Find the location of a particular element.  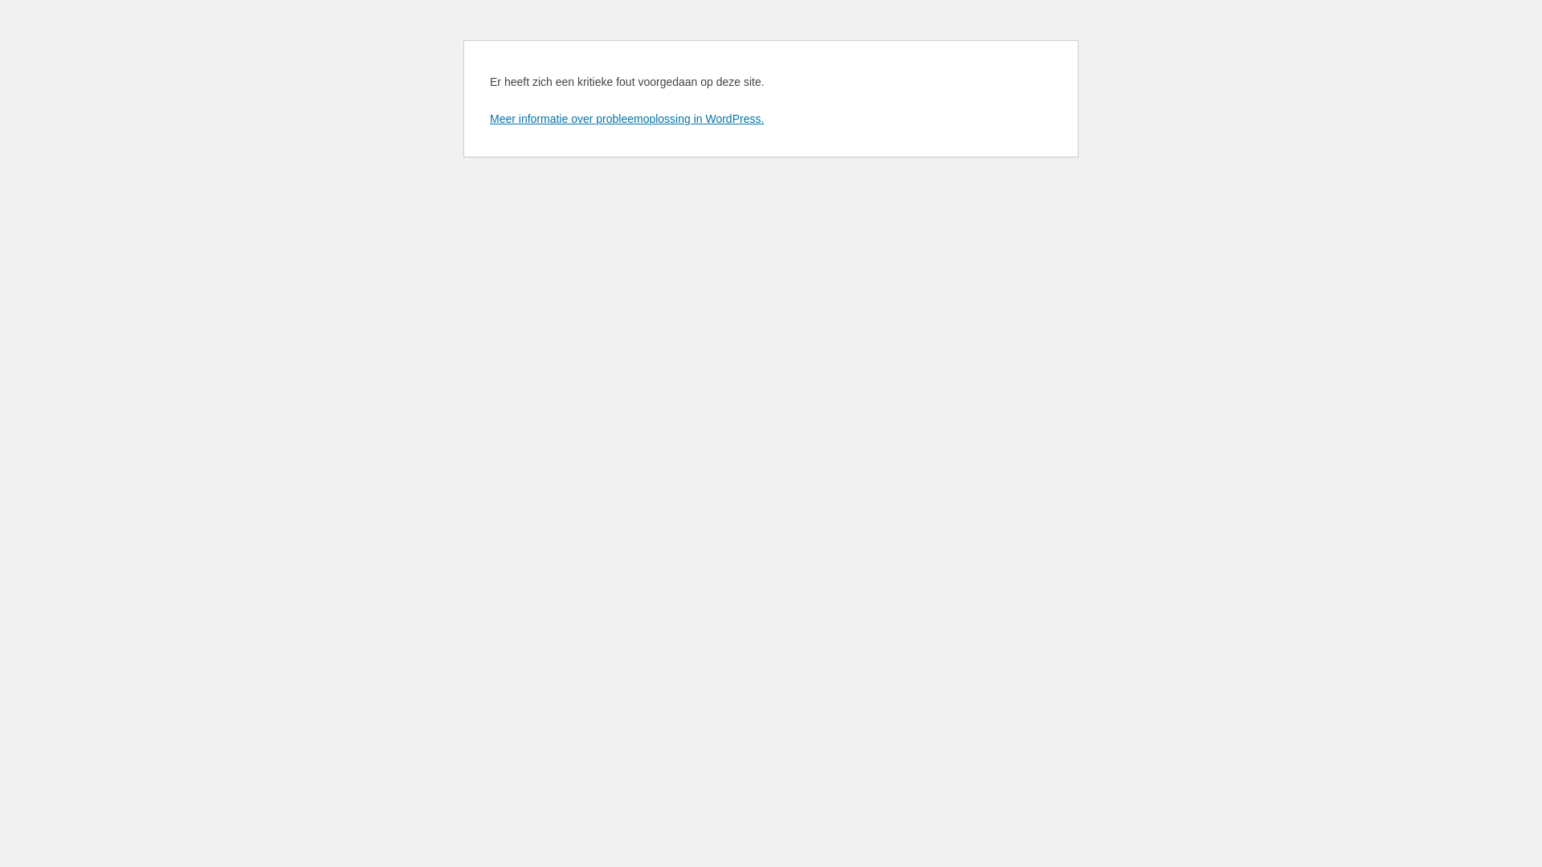

'Meer informatie over probleemoplossing in WordPress.' is located at coordinates (626, 117).